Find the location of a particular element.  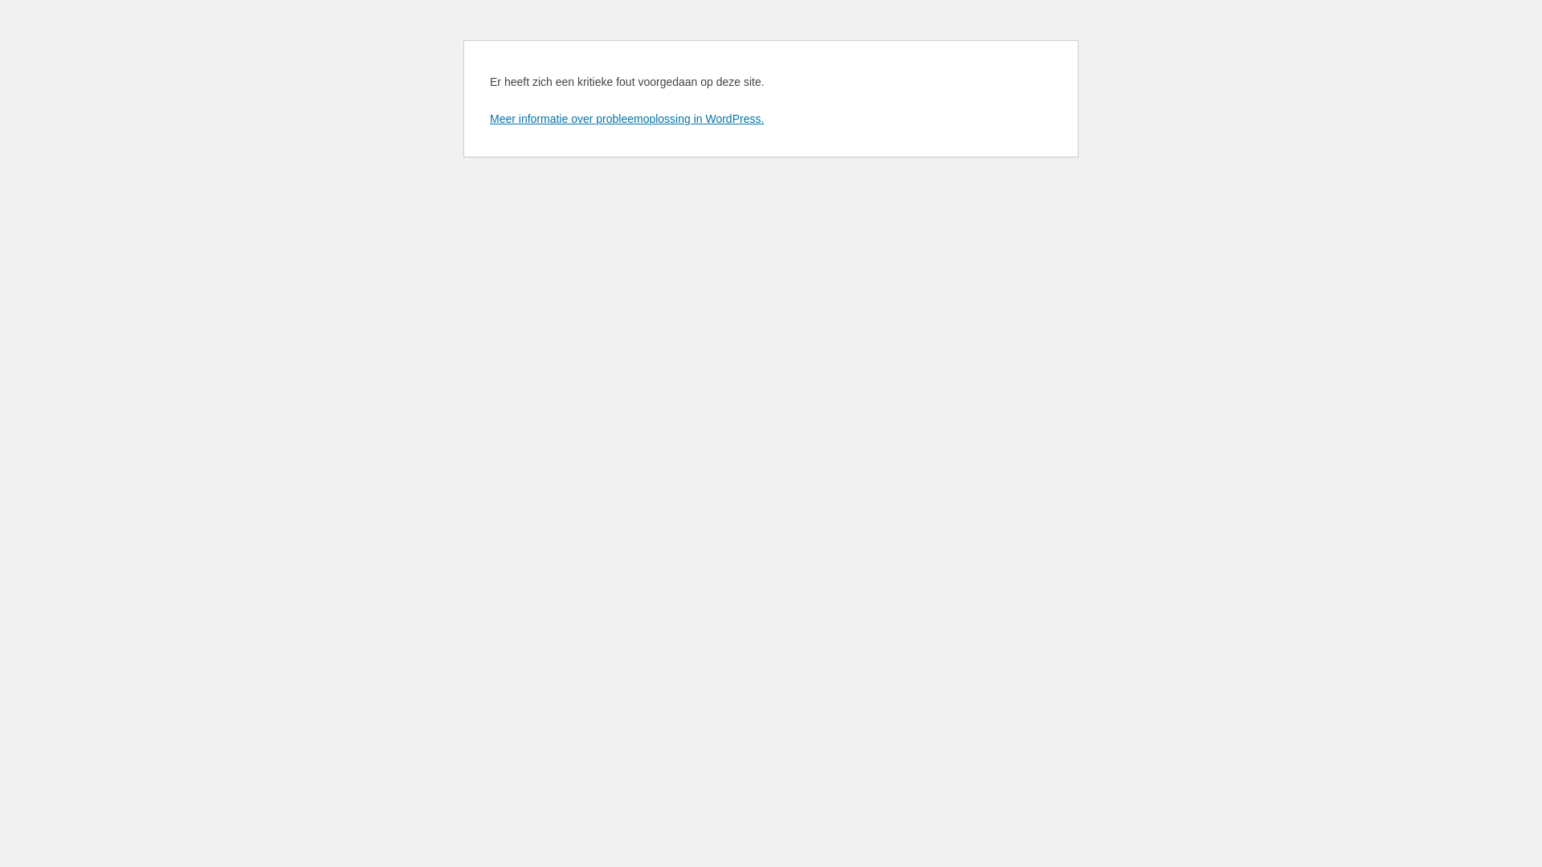

'Meer informatie over probleemoplossing in WordPress.' is located at coordinates (626, 117).